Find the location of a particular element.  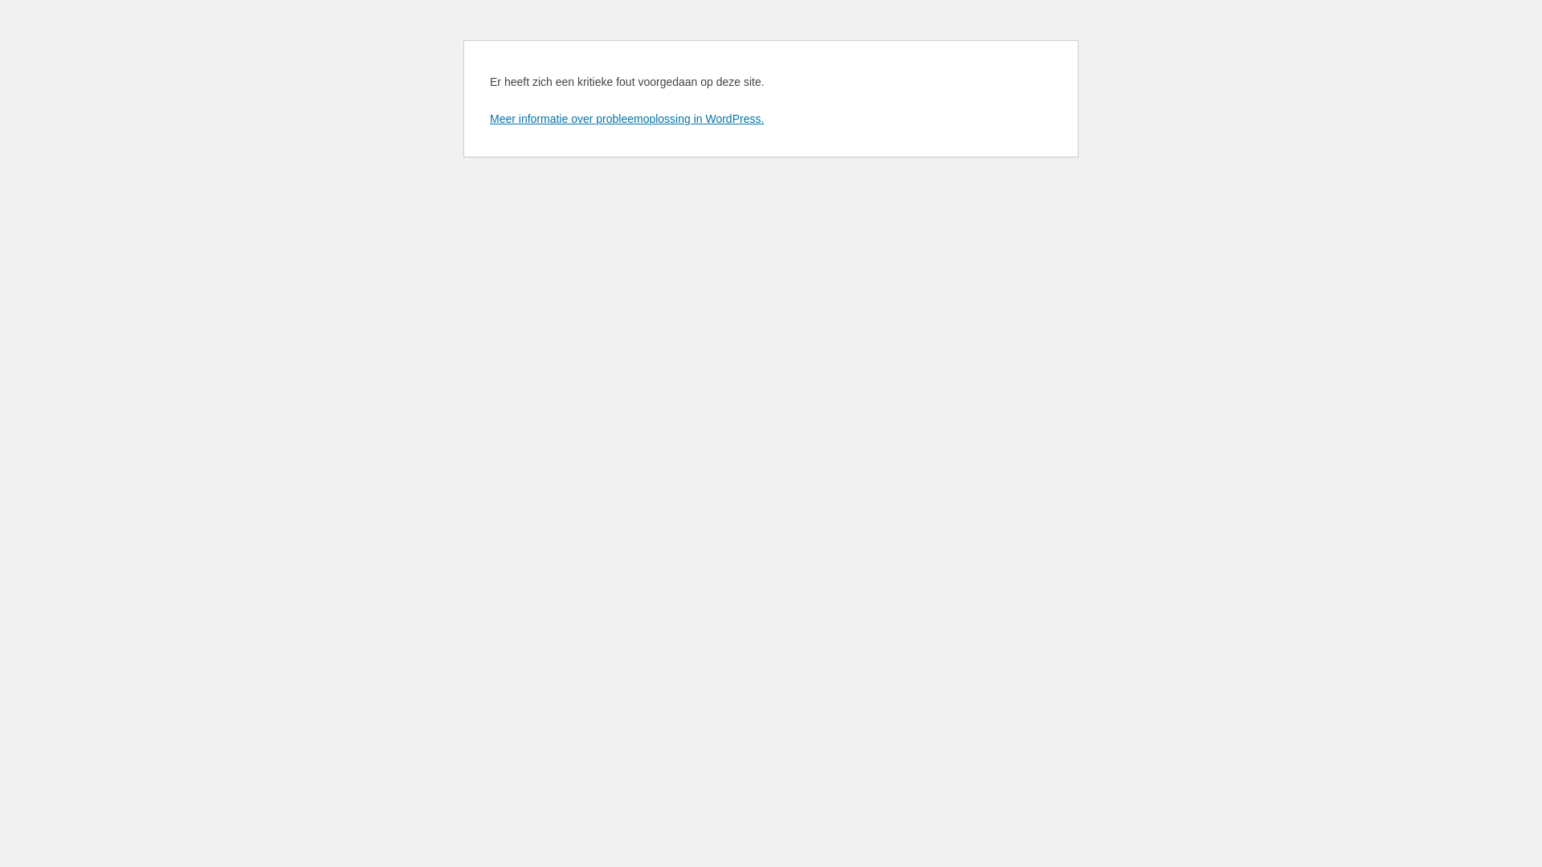

'Meer informatie over probleemoplossing in WordPress.' is located at coordinates (626, 117).